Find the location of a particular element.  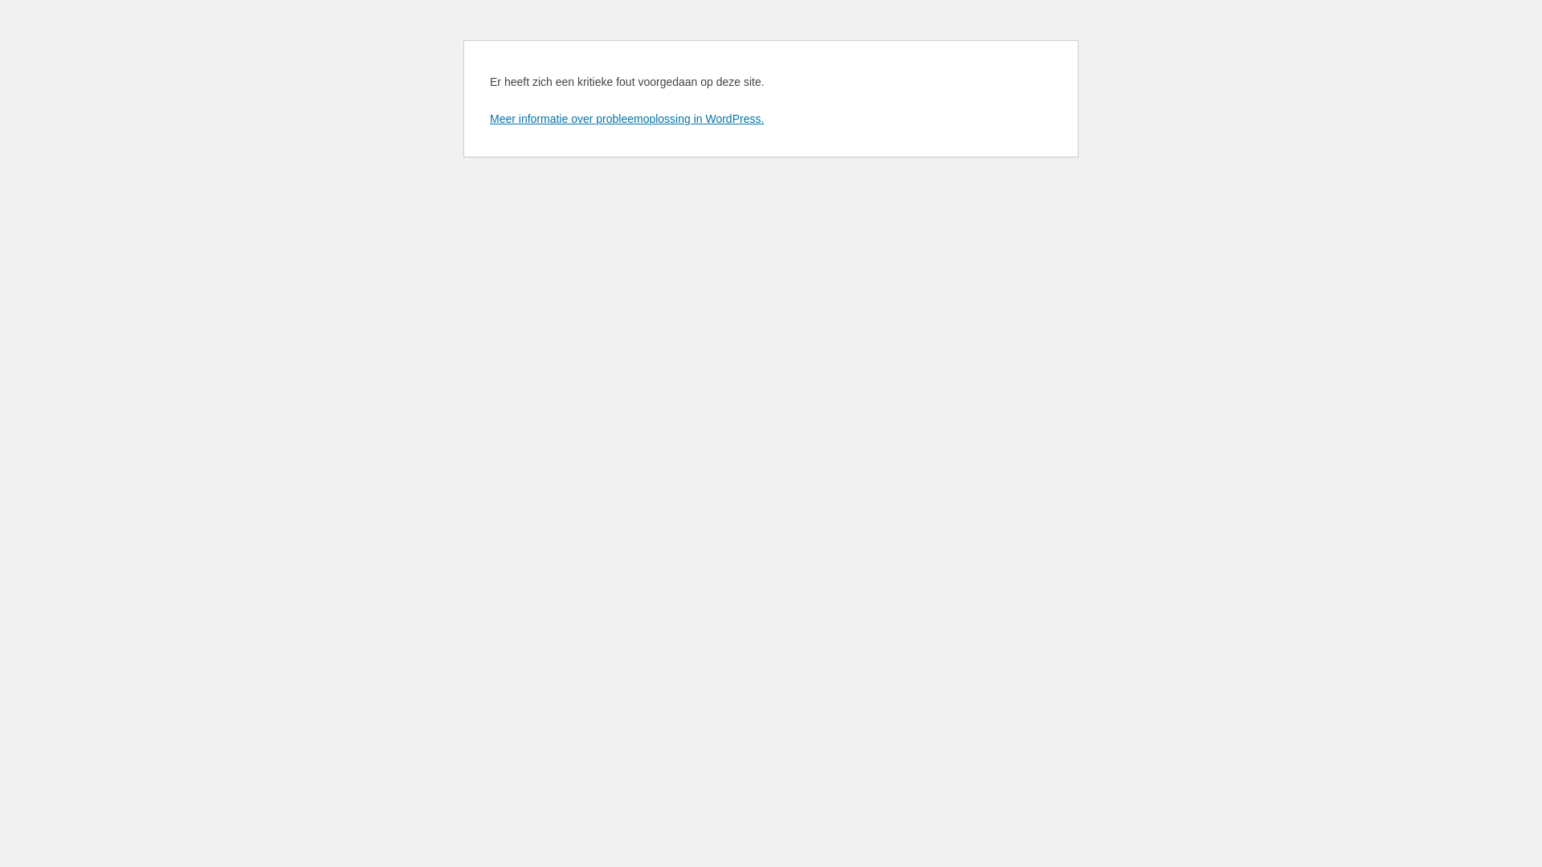

'Meer informatie over probleemoplossing in WordPress.' is located at coordinates (626, 117).